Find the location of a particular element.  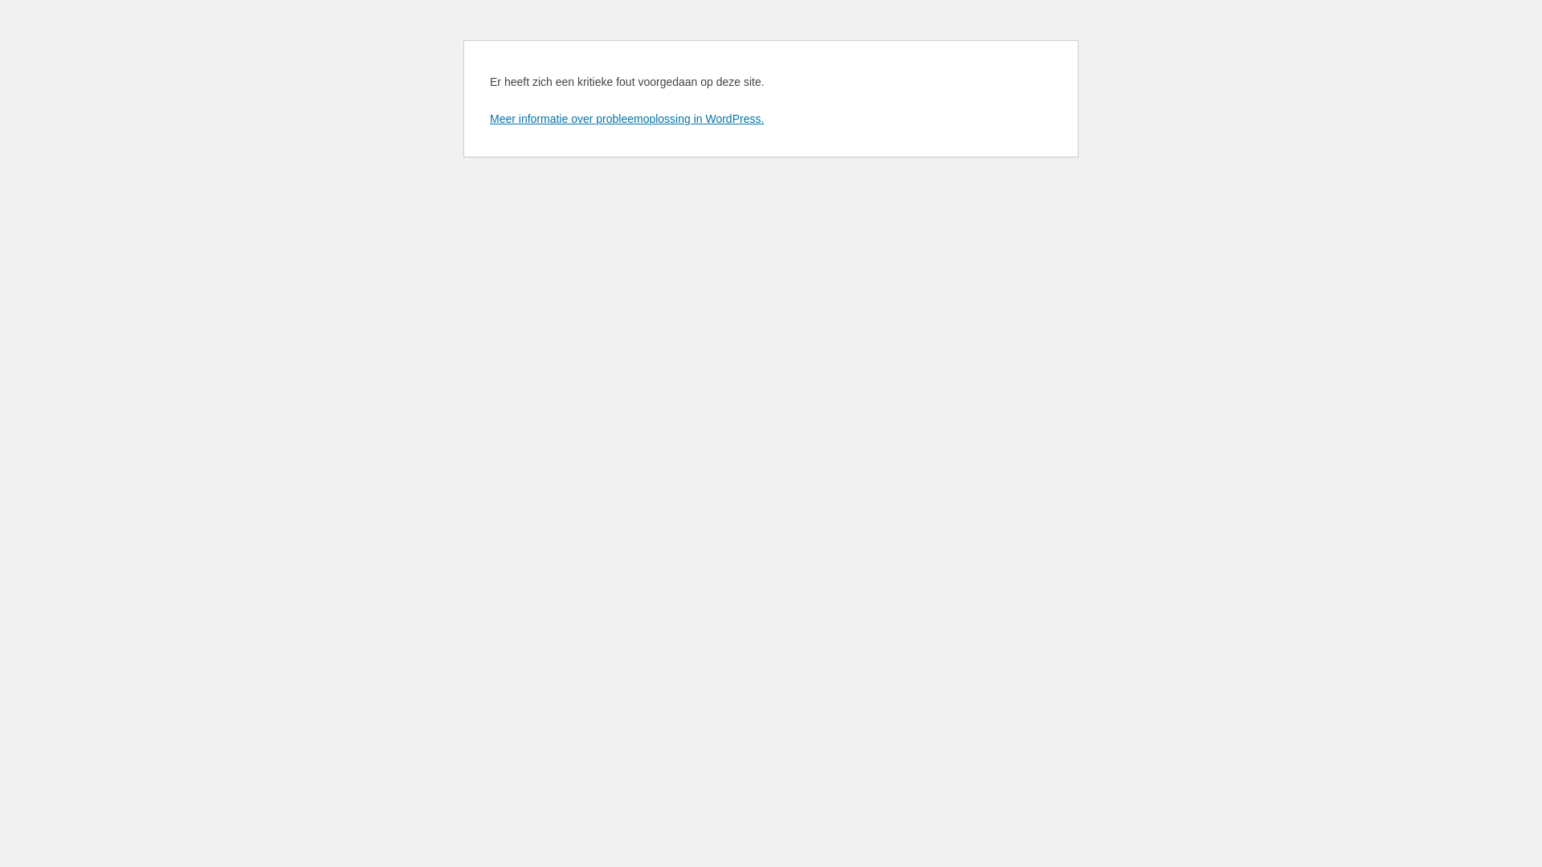

'Meer informatie over probleemoplossing in WordPress.' is located at coordinates (626, 117).